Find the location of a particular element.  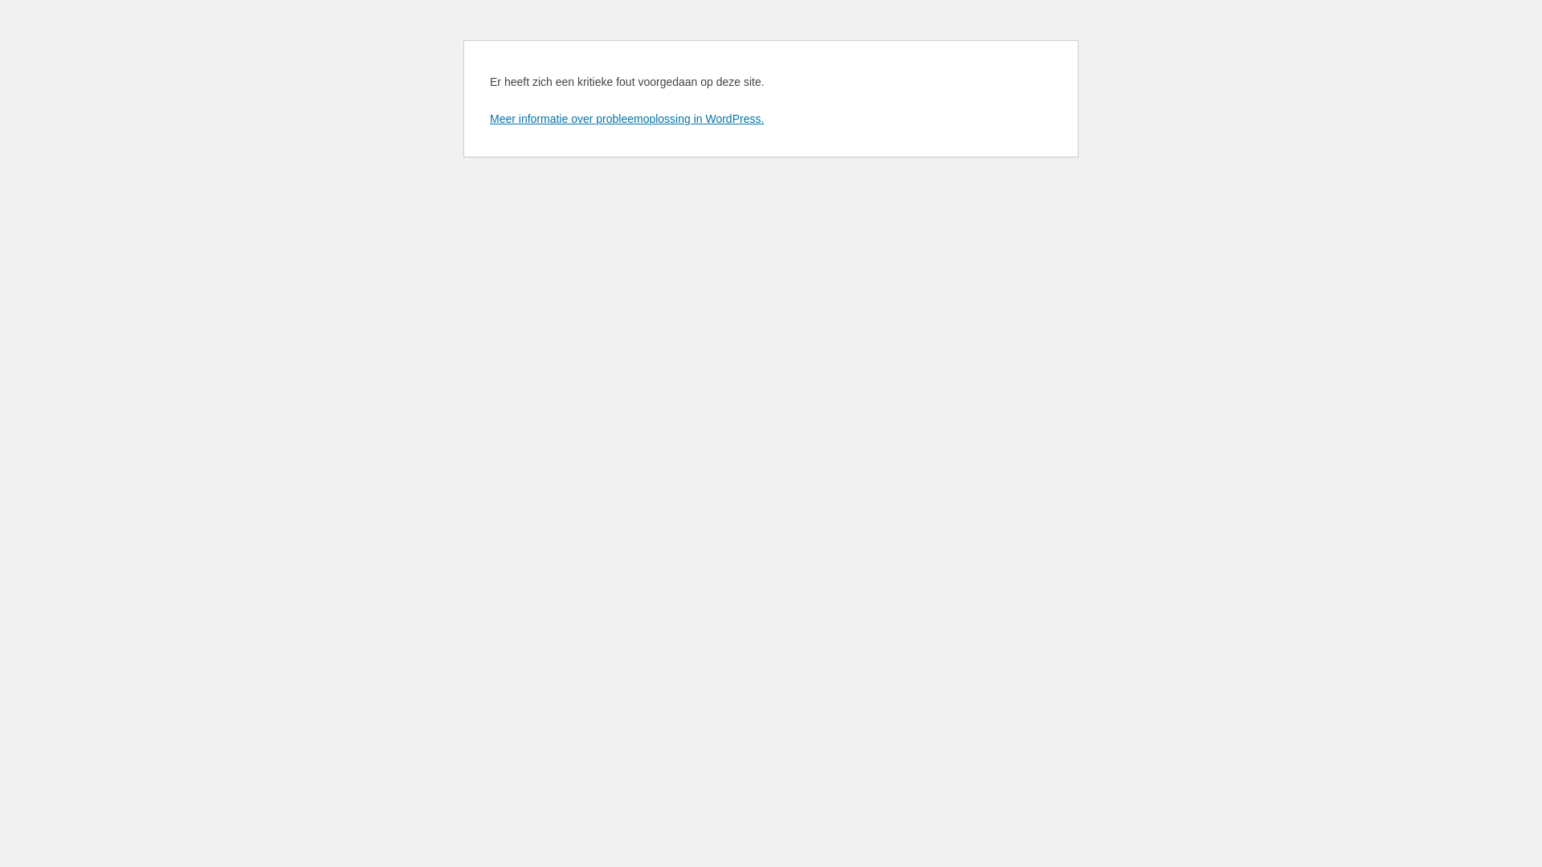

'Meer informatie over probleemoplossing in WordPress.' is located at coordinates (626, 117).